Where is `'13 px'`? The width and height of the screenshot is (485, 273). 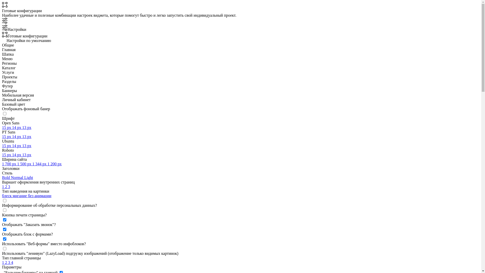 '13 px' is located at coordinates (22, 127).